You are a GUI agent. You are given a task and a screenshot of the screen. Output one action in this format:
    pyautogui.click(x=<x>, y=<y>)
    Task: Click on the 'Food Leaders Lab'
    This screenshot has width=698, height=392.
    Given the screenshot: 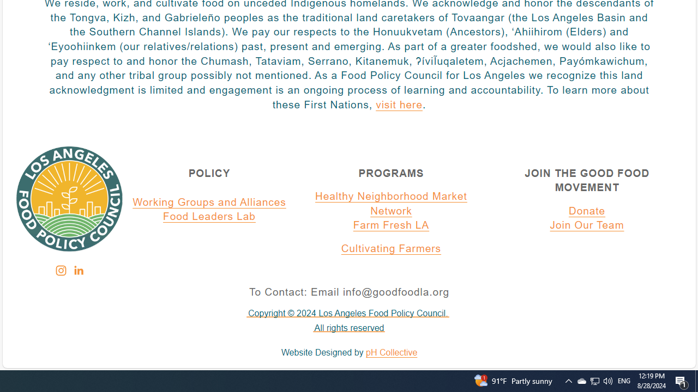 What is the action you would take?
    pyautogui.click(x=209, y=217)
    